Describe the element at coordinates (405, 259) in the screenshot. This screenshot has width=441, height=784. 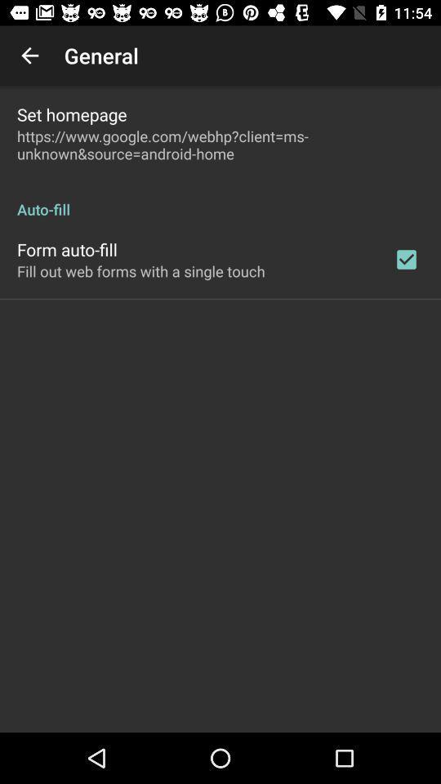
I see `icon at the top right corner` at that location.